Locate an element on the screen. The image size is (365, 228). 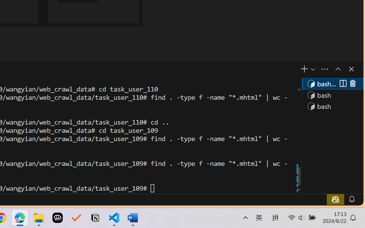
'Views and More Actions...' is located at coordinates (324, 69).